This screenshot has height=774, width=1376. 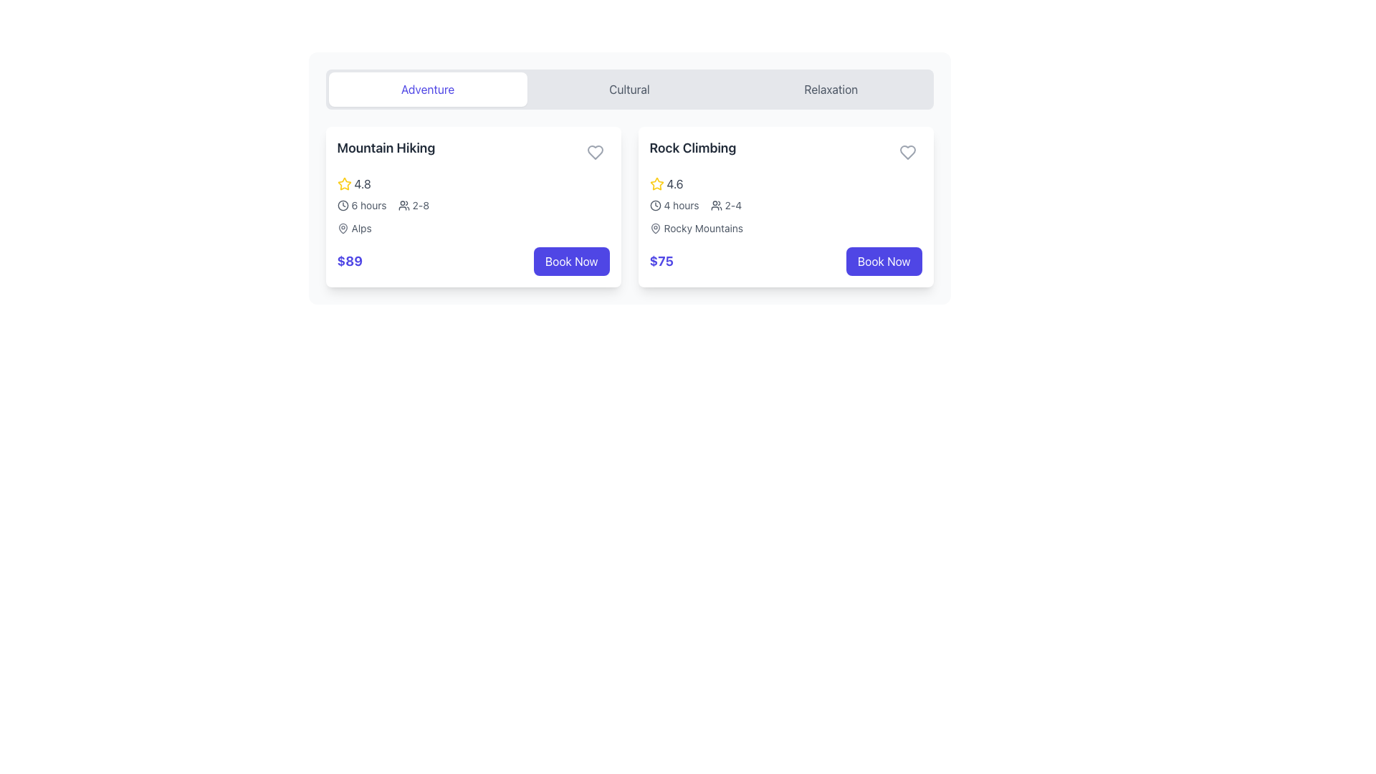 I want to click on the heart-shaped icon located in the top-right corner of the second card labeled 'Rock Climbing', so click(x=907, y=152).